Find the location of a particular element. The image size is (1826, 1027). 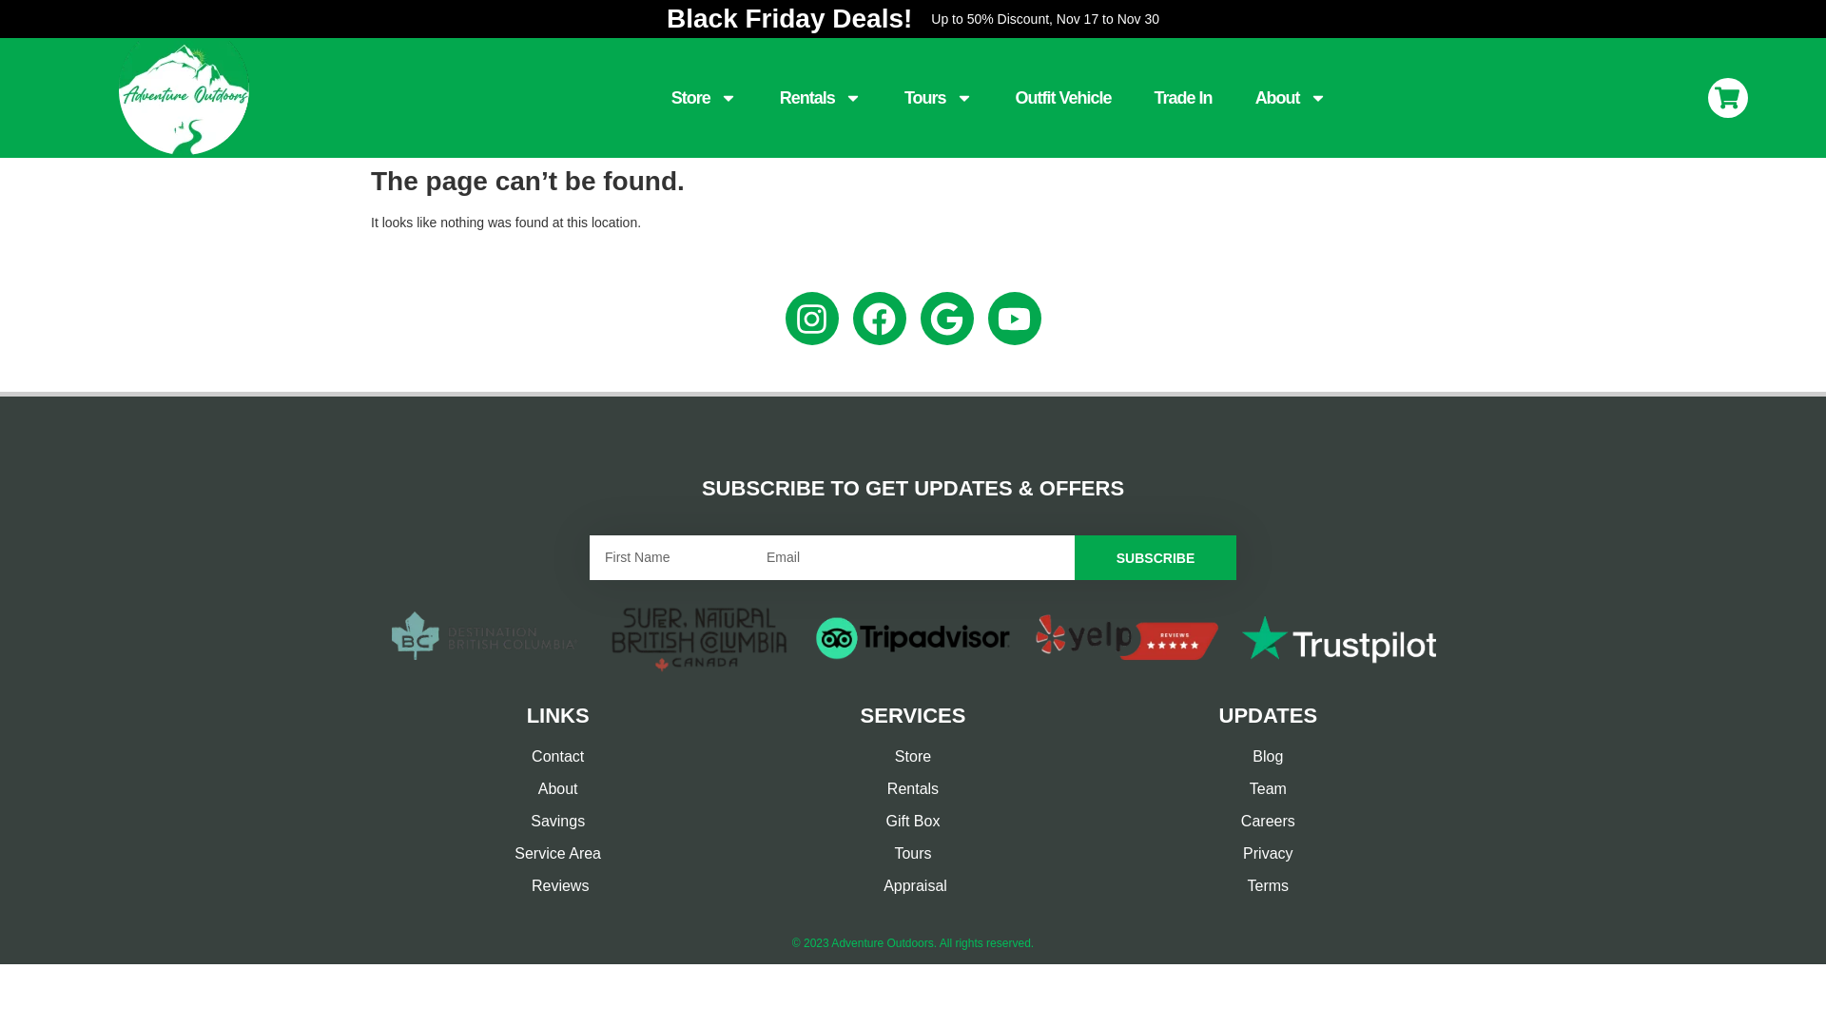

'Appraisal' is located at coordinates (911, 886).